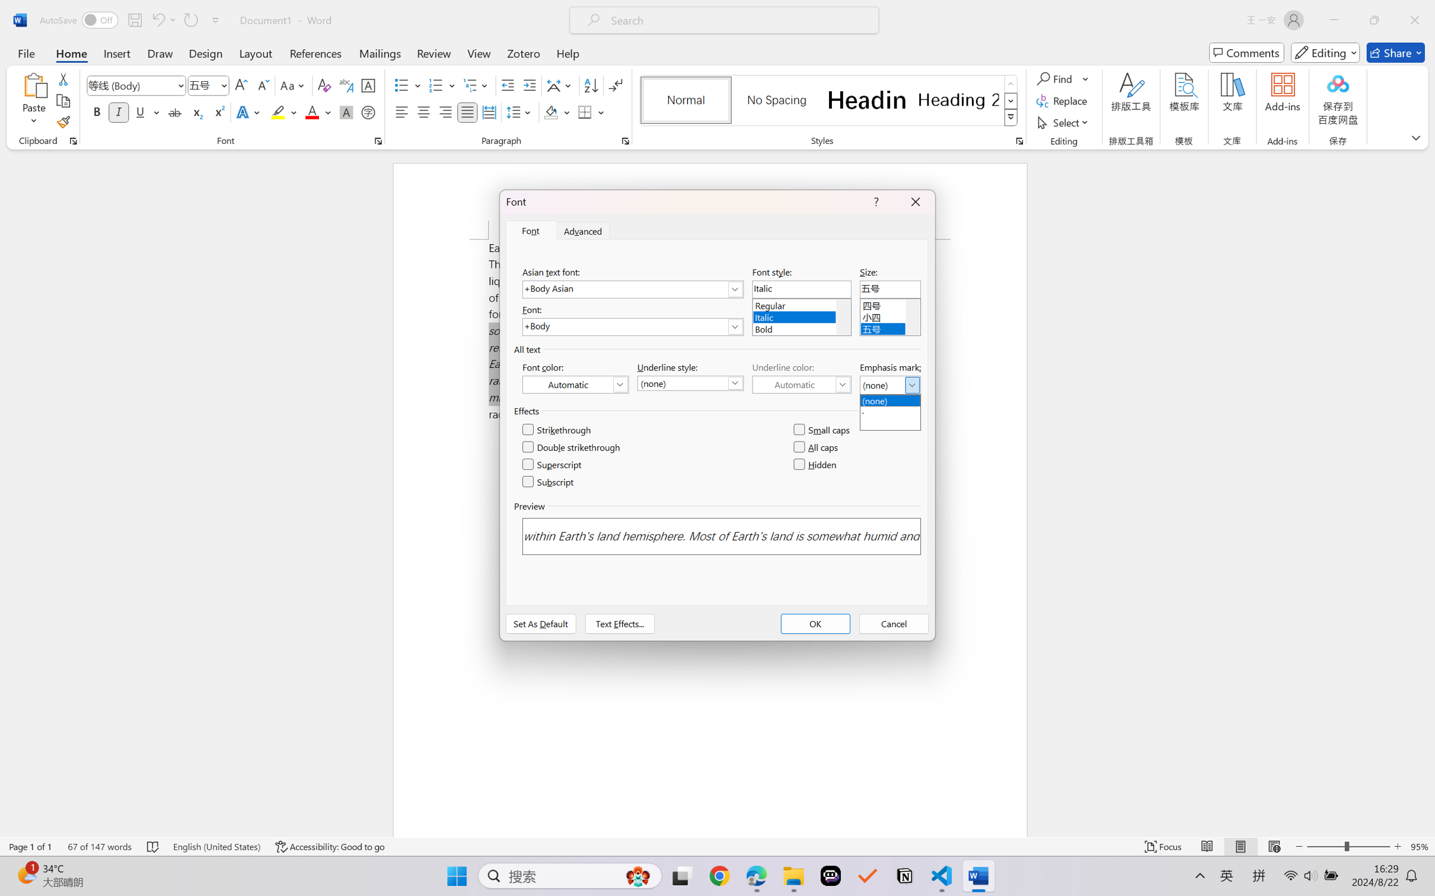 The width and height of the screenshot is (1435, 896). What do you see at coordinates (345, 111) in the screenshot?
I see `'Character Shading'` at bounding box center [345, 111].